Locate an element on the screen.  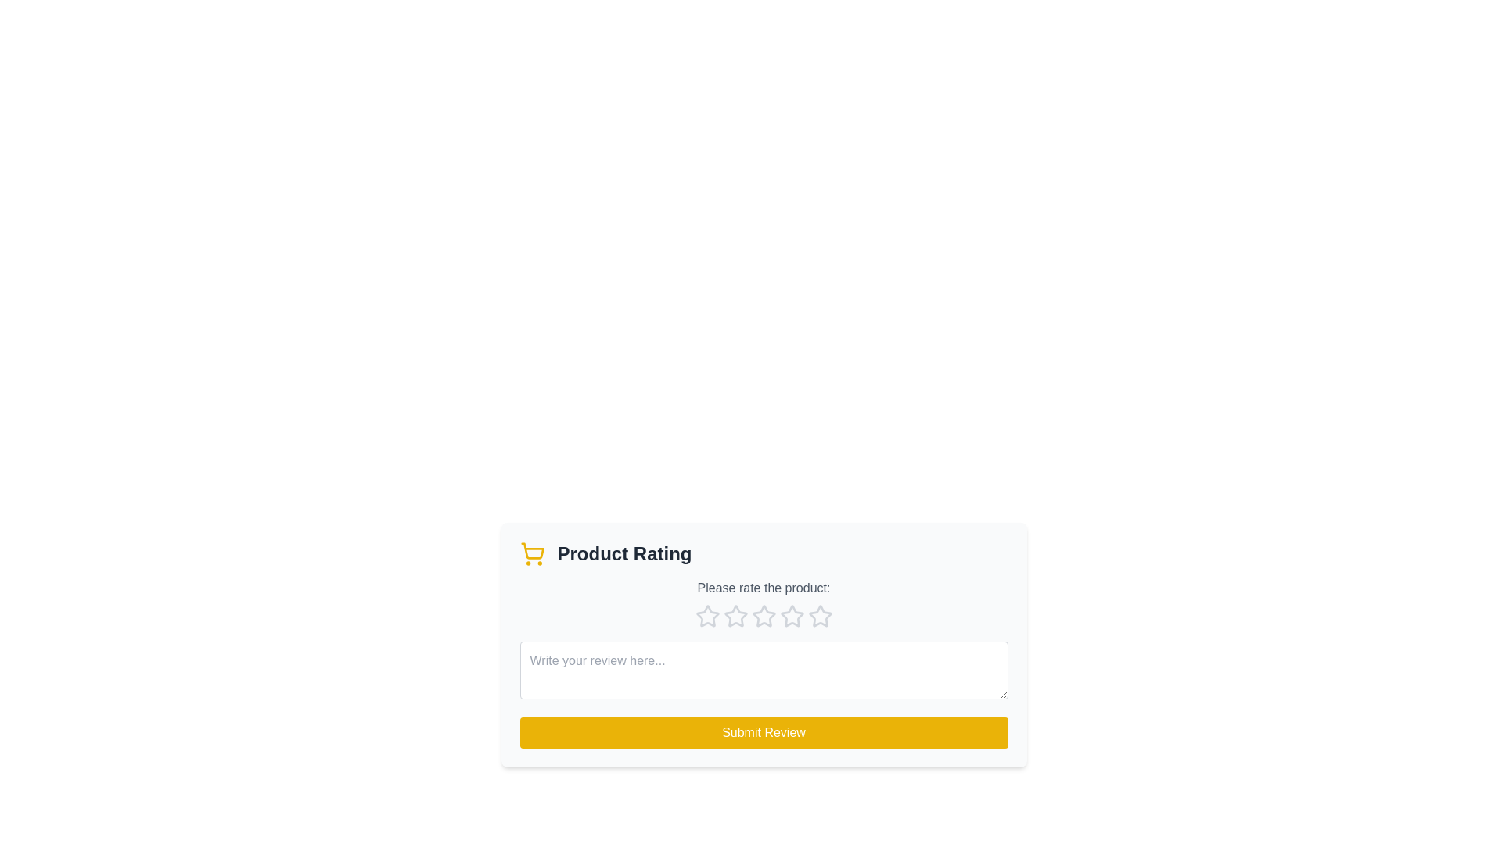
the yellow shopping cart icon located in the top-left corner of the 'Product Rating' section, directly preceding the text label 'Product Rating.' is located at coordinates (532, 553).